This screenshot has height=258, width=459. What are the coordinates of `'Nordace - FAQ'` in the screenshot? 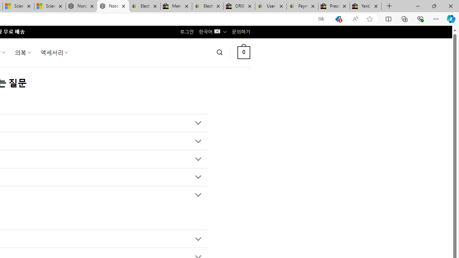 It's located at (113, 6).